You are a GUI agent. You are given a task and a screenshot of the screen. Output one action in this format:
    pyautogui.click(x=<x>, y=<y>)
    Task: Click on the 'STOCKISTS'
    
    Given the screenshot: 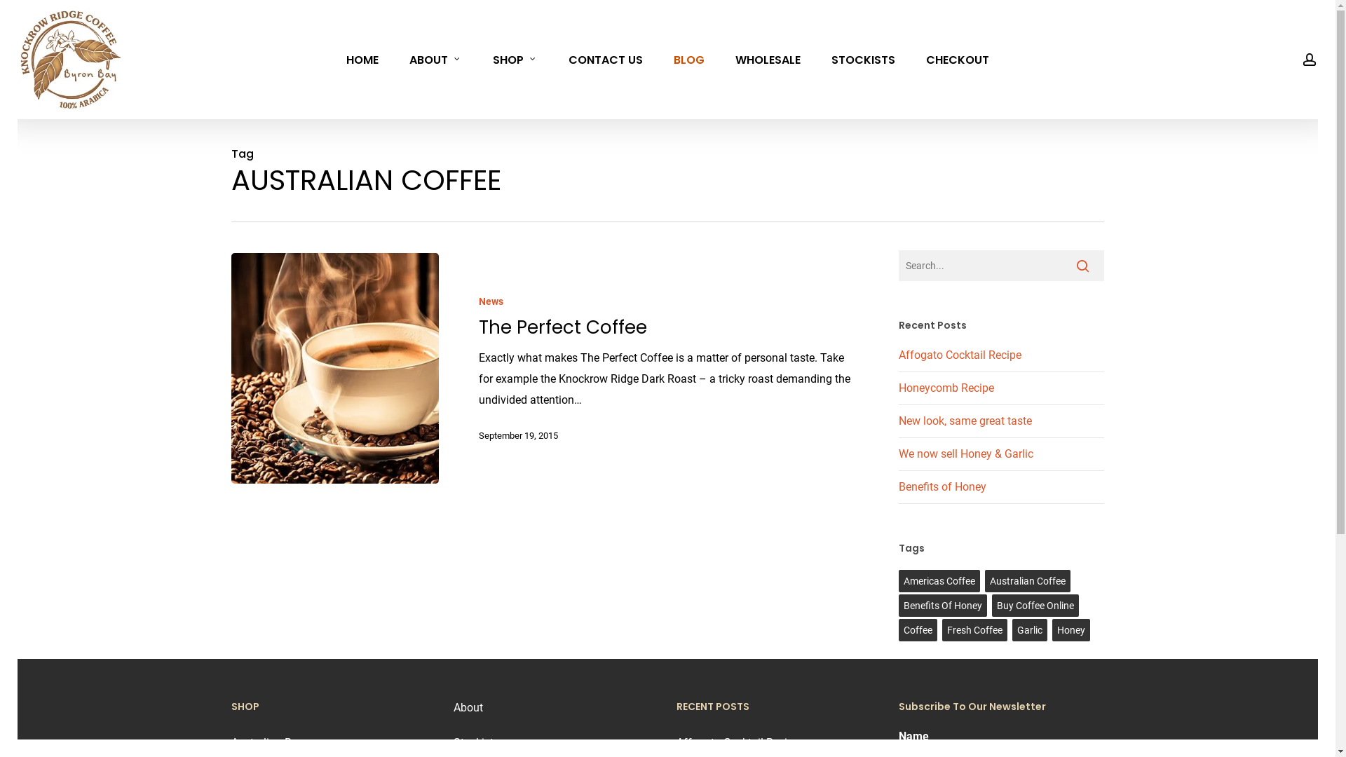 What is the action you would take?
    pyautogui.click(x=862, y=58)
    